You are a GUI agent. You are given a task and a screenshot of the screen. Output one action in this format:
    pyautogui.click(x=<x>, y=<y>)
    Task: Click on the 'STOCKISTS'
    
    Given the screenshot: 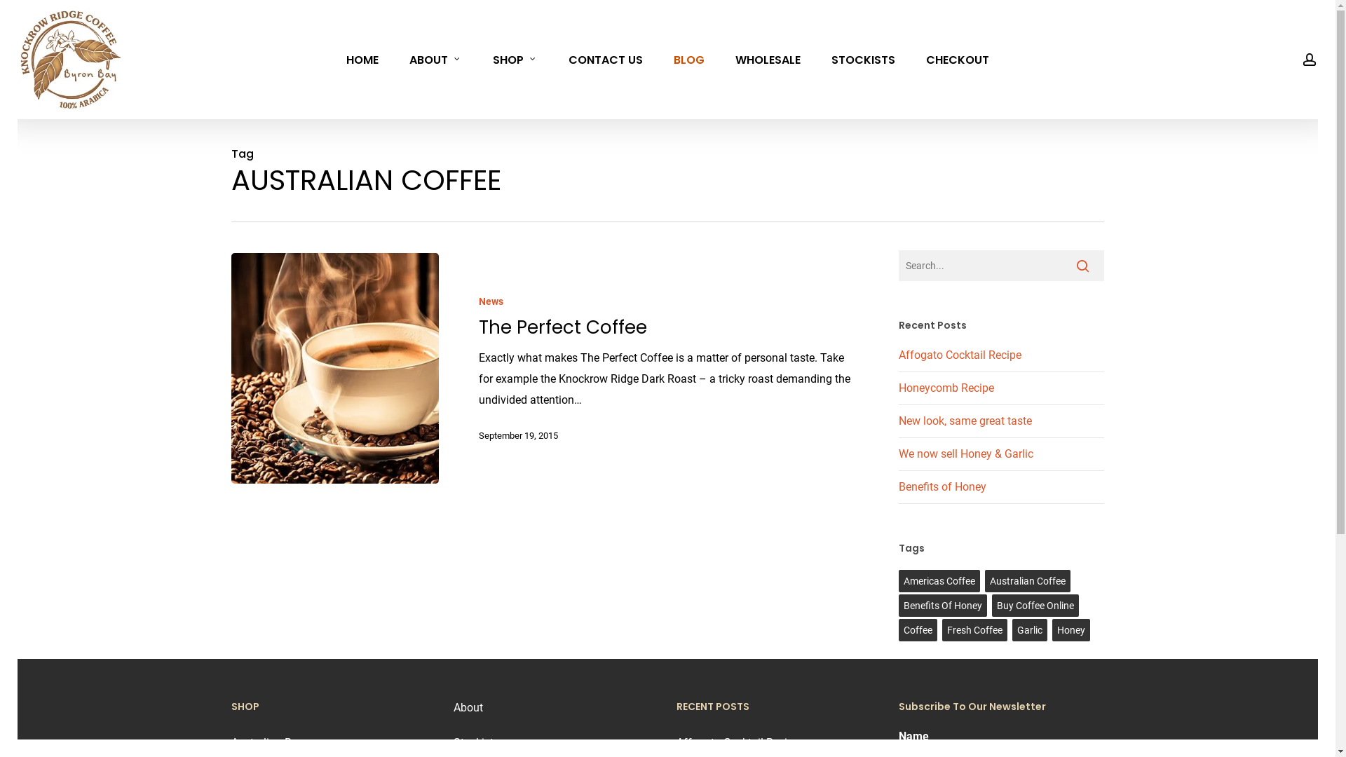 What is the action you would take?
    pyautogui.click(x=862, y=58)
    